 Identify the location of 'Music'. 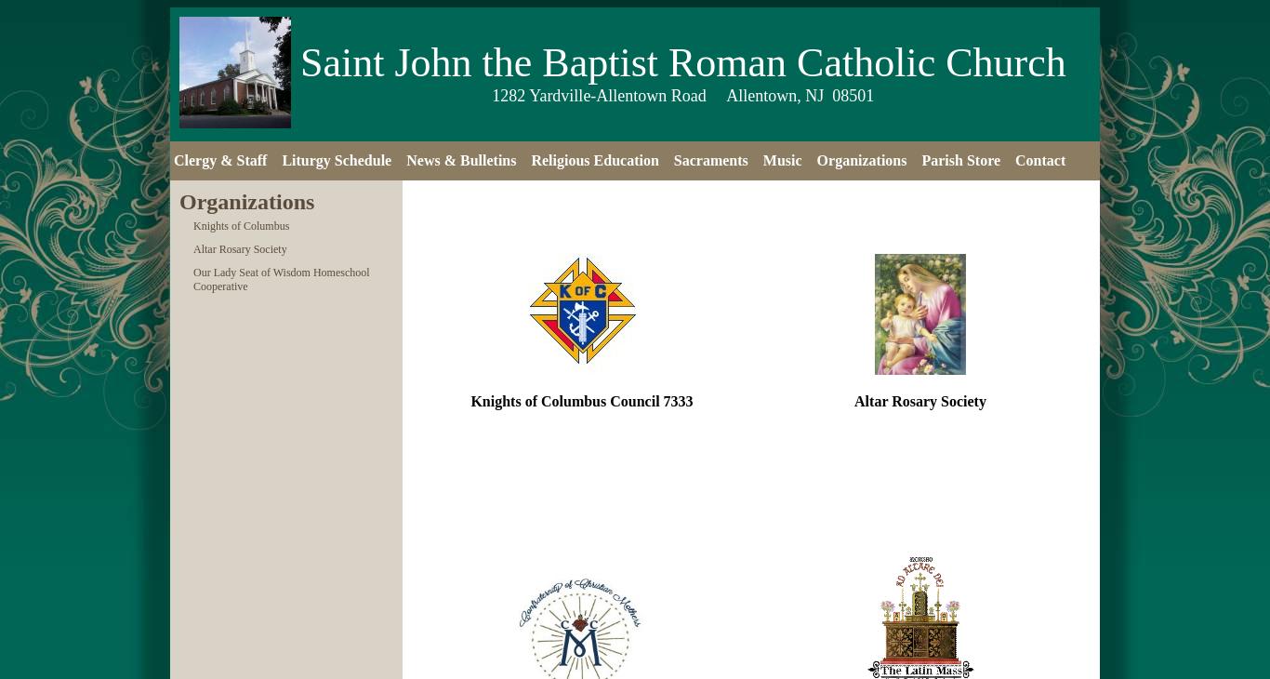
(781, 159).